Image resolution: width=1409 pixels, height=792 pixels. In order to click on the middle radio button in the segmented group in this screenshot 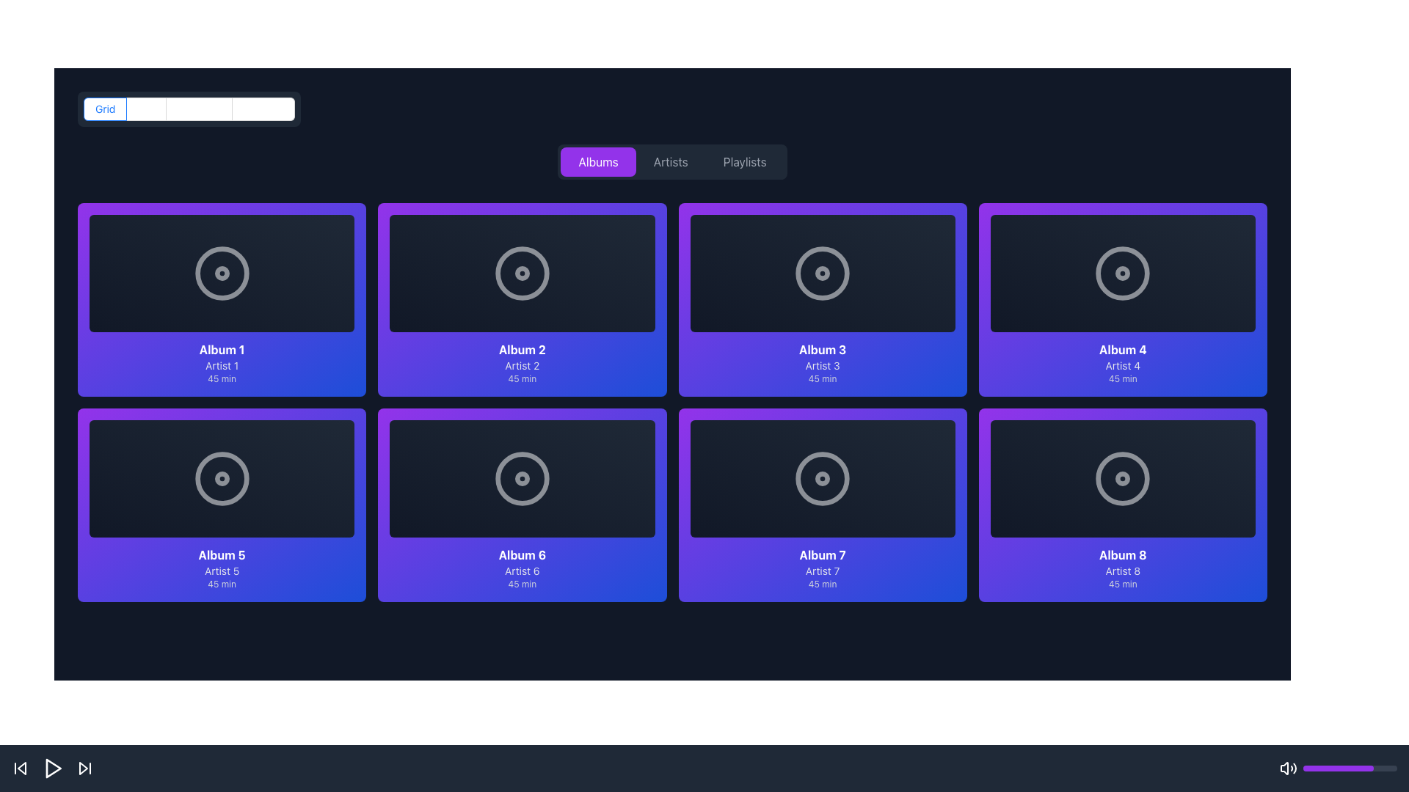, I will do `click(146, 109)`.